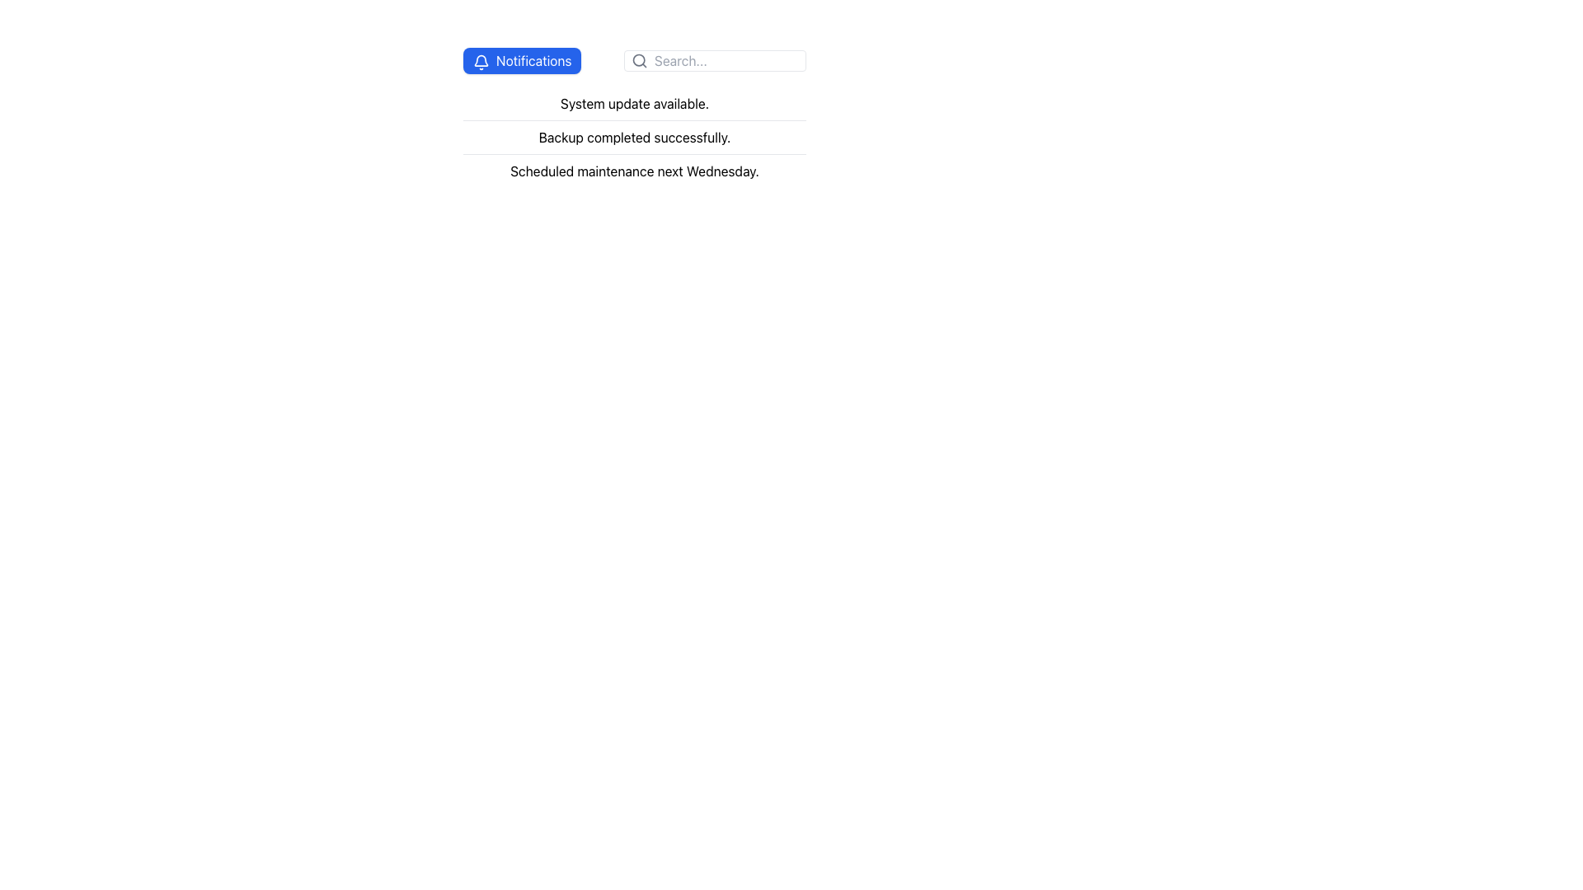 The image size is (1583, 890). What do you see at coordinates (633, 171) in the screenshot?
I see `the text label that reads 'Scheduled maintenance next Wednesday.' which is the third item in the notification list` at bounding box center [633, 171].